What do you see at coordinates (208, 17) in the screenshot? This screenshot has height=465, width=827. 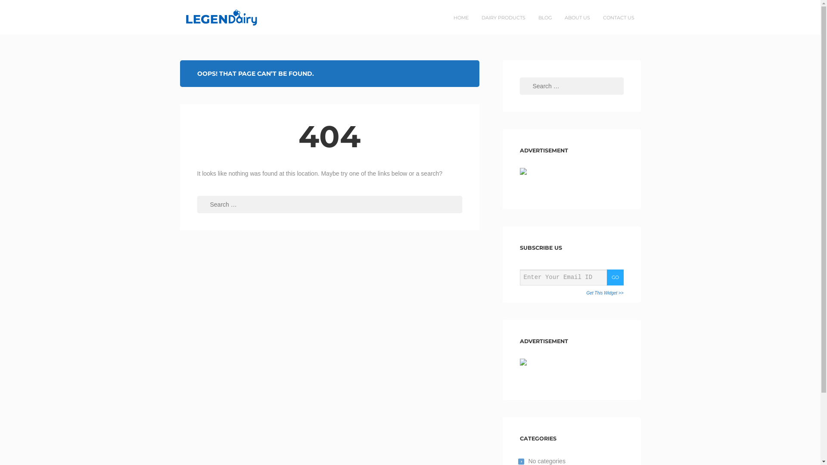 I see `'LEGEN DAIRY'` at bounding box center [208, 17].